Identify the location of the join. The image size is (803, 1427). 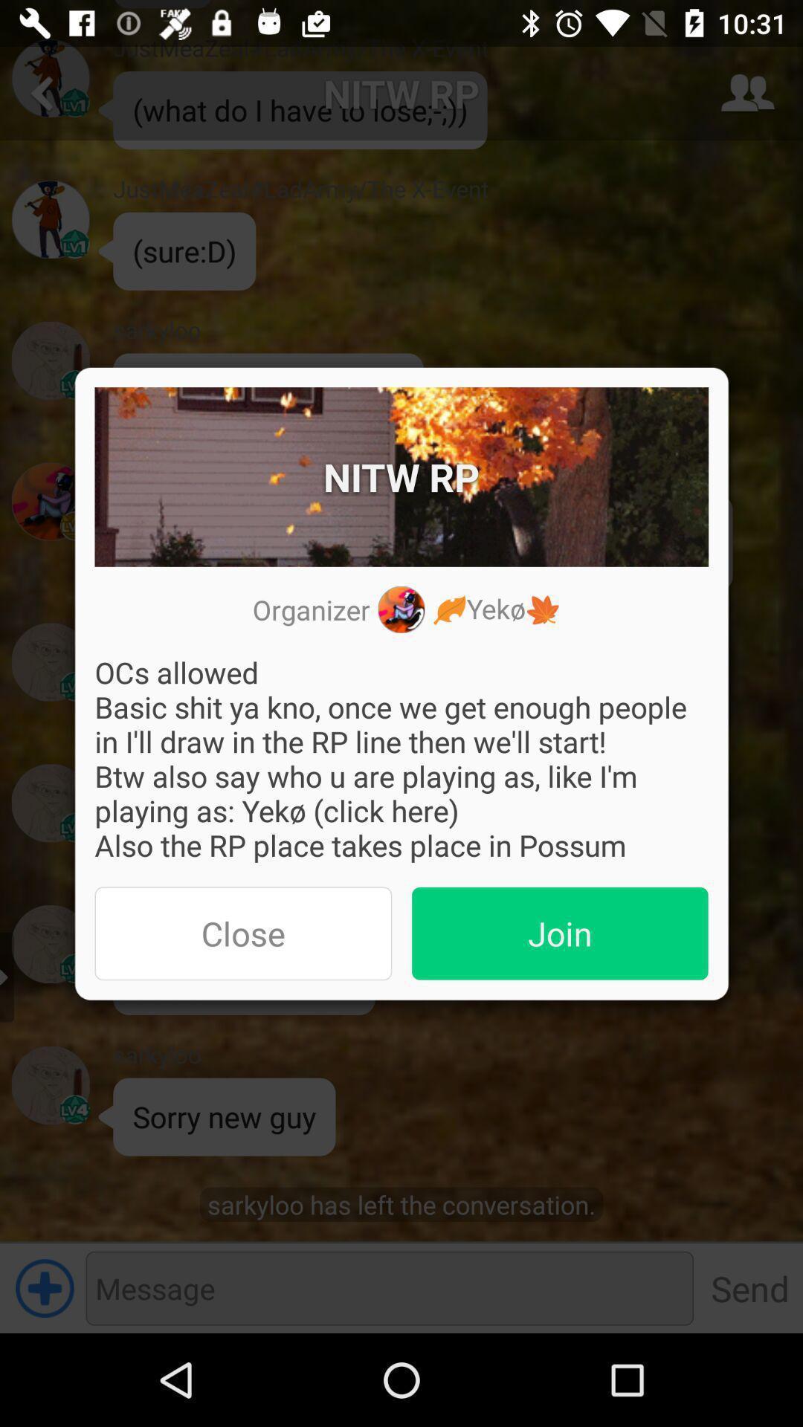
(560, 933).